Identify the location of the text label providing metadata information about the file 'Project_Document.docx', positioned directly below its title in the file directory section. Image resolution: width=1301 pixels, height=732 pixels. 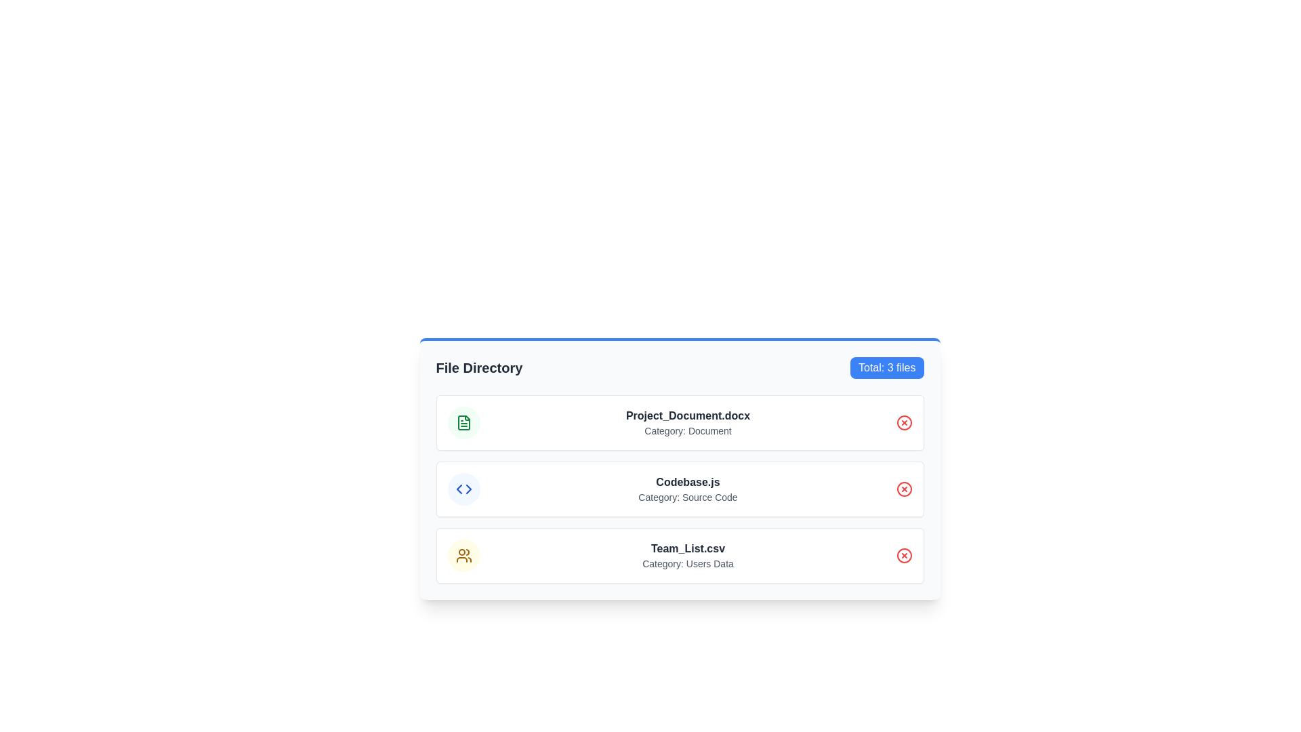
(688, 431).